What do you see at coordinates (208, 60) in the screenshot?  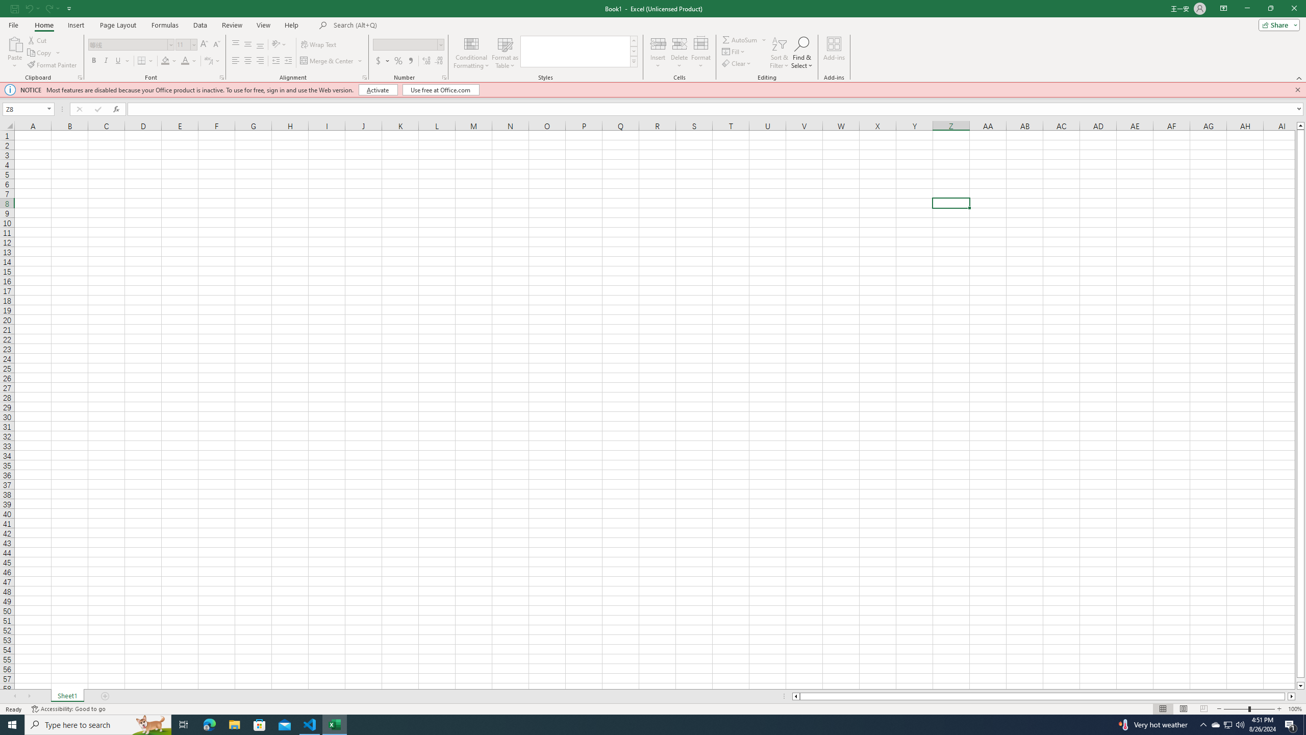 I see `'Show Phonetic Field'` at bounding box center [208, 60].